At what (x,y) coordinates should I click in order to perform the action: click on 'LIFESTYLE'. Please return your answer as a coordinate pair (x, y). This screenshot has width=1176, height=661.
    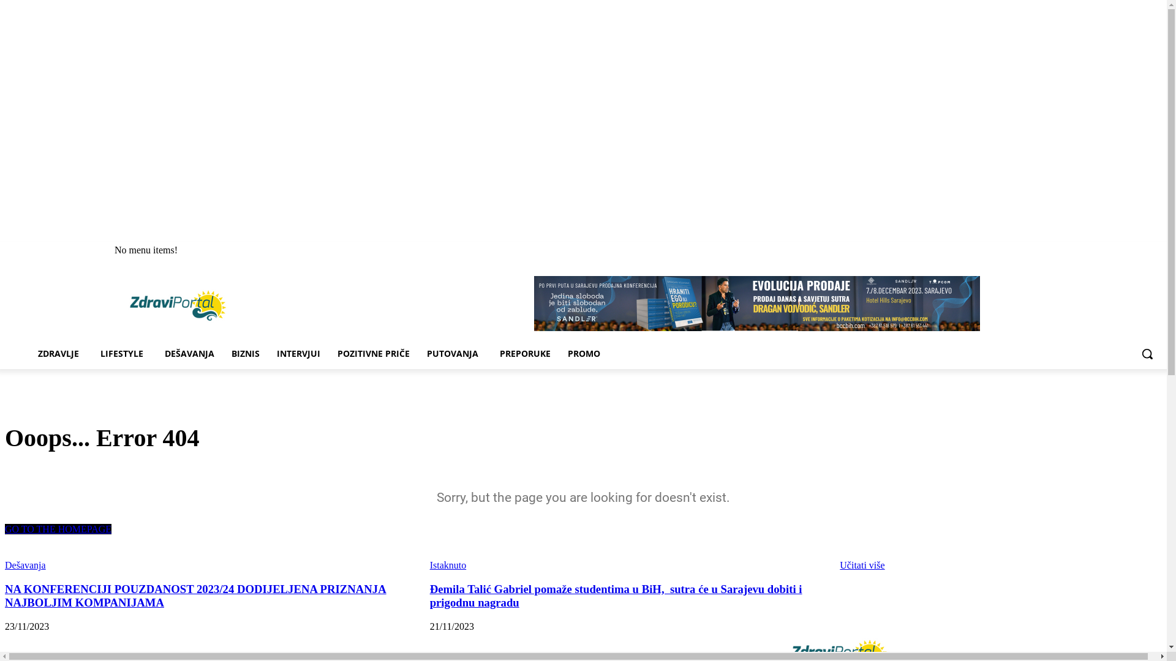
    Looking at the image, I should click on (91, 354).